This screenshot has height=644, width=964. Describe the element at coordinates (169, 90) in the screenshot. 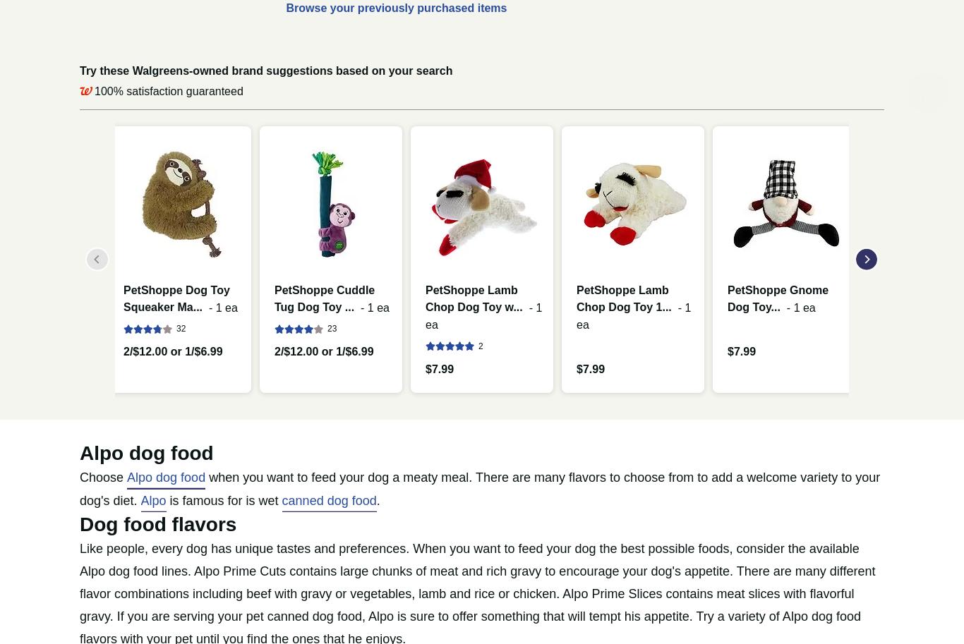

I see `'100% satisfaction guaranteed'` at that location.